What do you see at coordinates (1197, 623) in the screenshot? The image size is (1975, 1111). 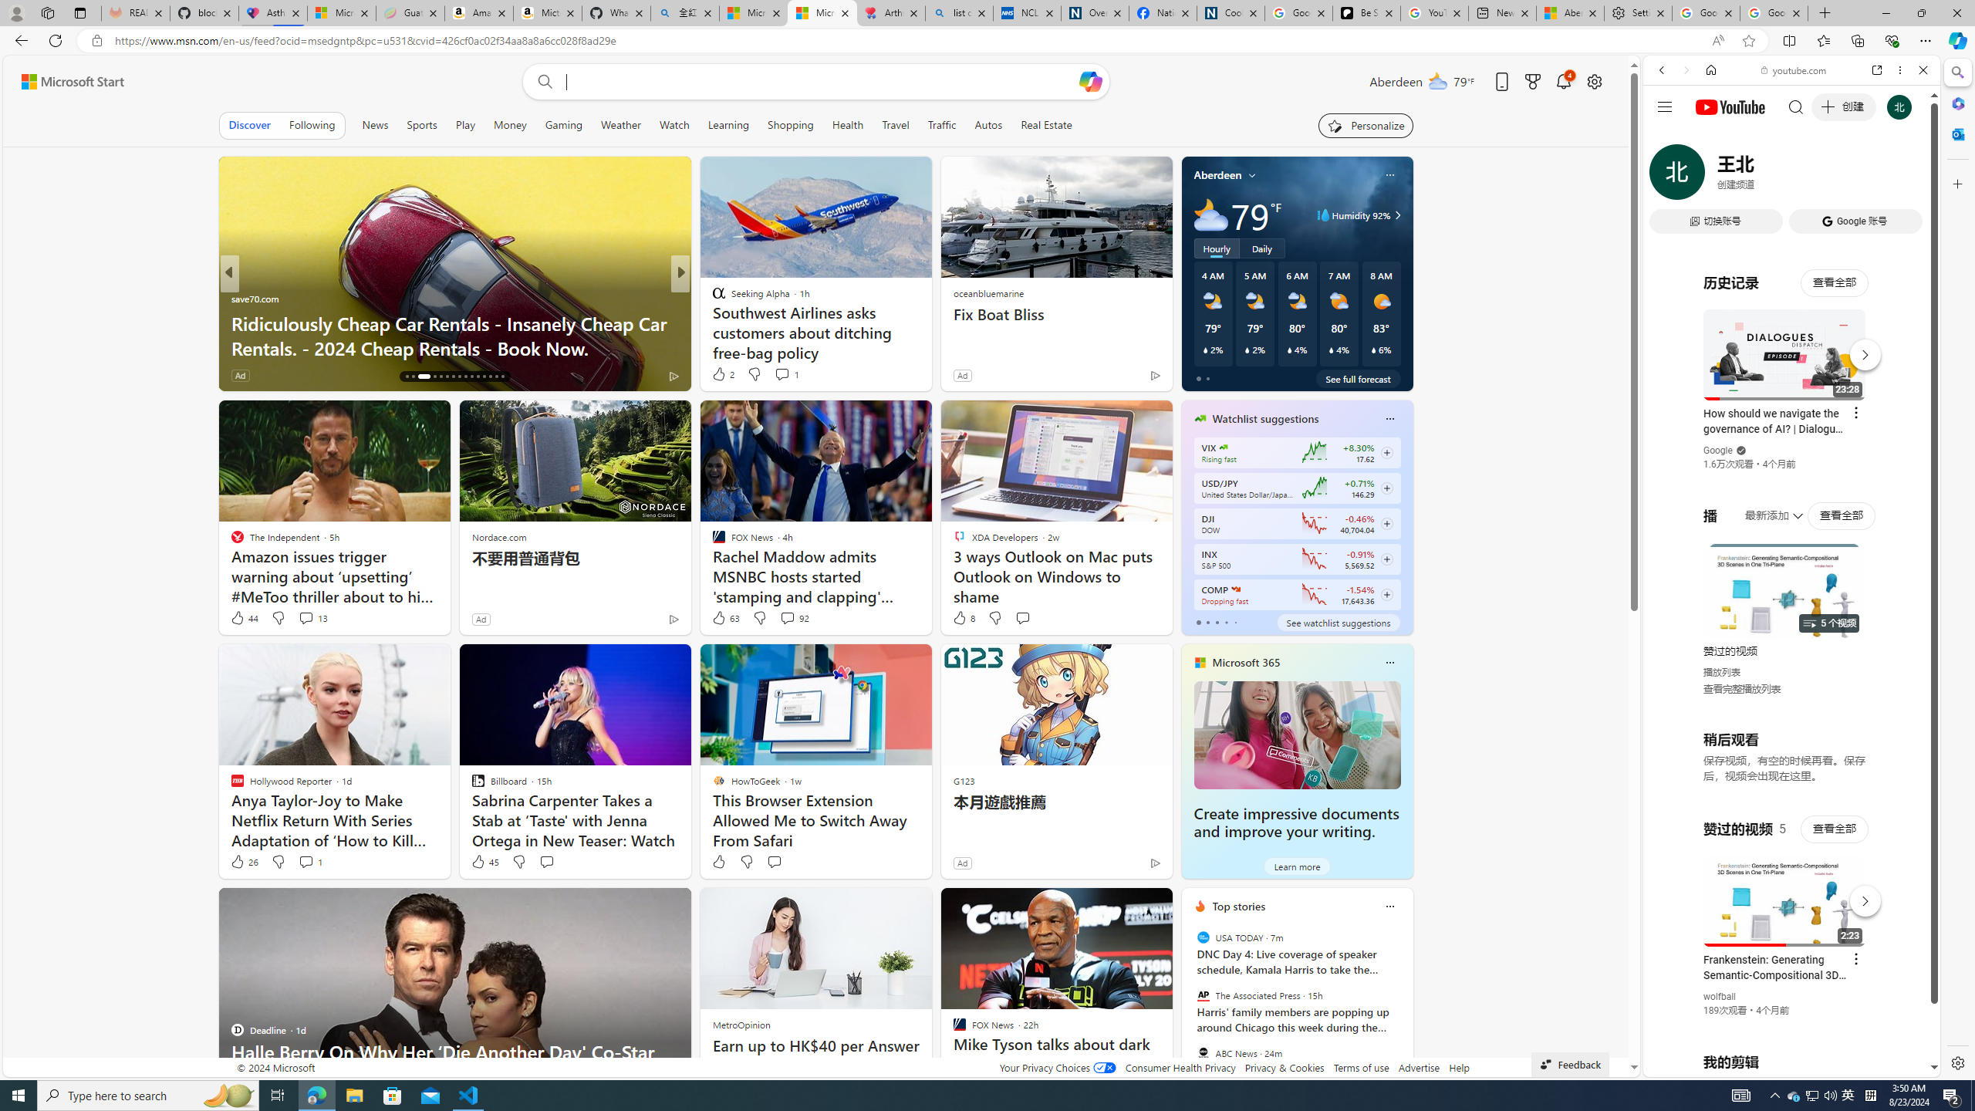 I see `'tab-0'` at bounding box center [1197, 623].